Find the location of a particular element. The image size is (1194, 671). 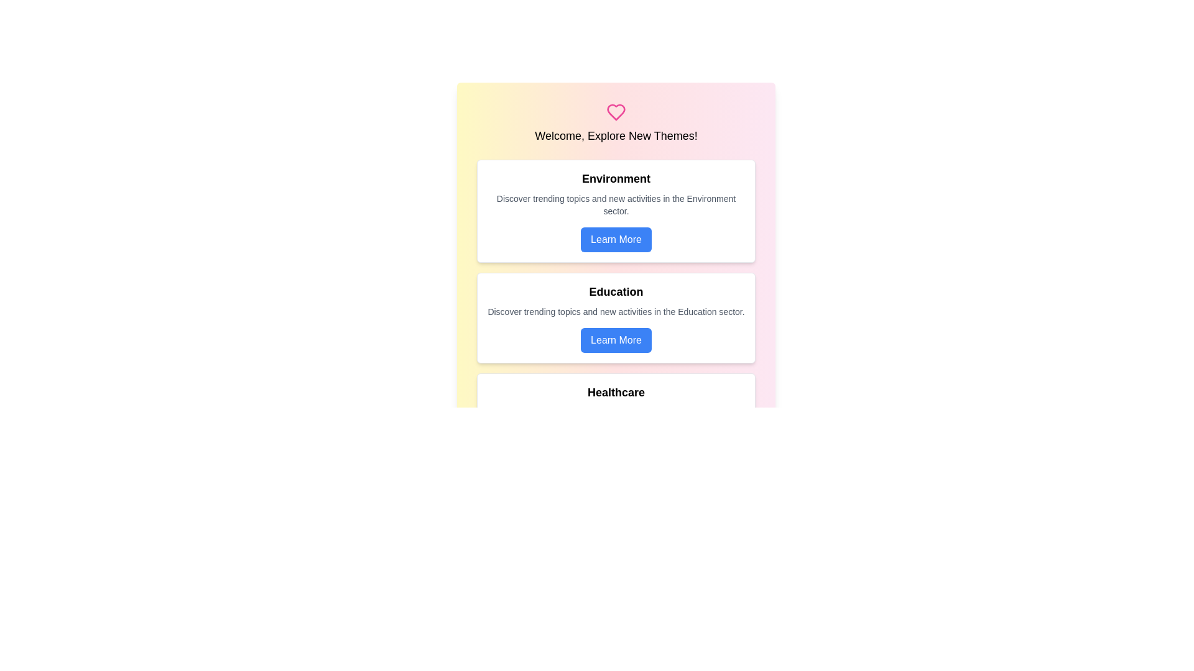

the 'Learn More' button on the 'Education' informational card, which is the second card in a sequence of three vertically stacked cards is located at coordinates (616, 317).